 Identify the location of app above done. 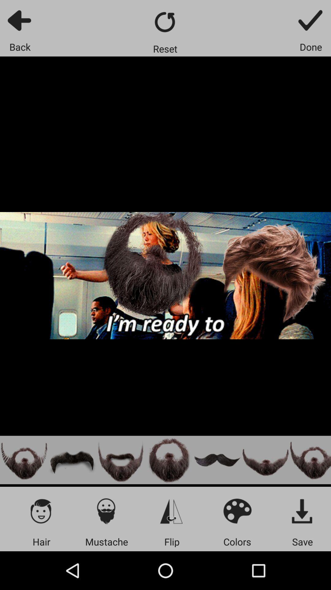
(311, 20).